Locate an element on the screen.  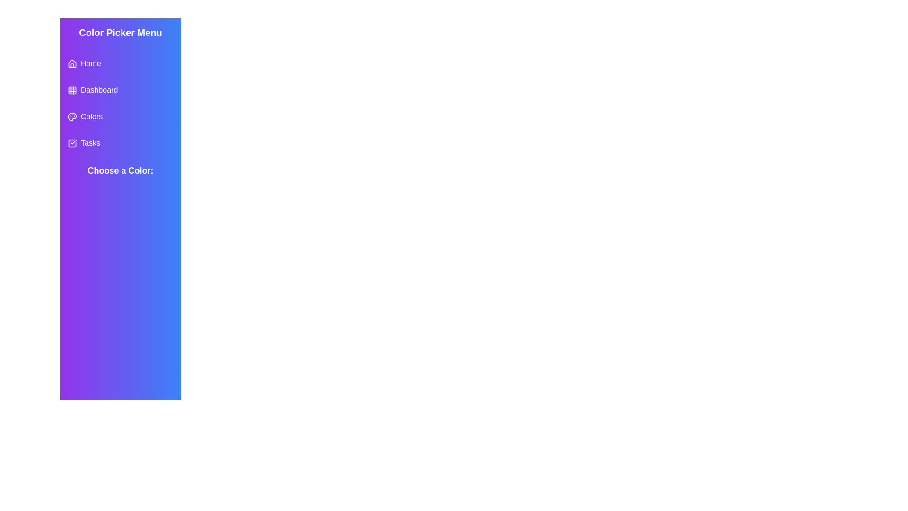
the third item in the vertical menu on the left side of the interface, which is a circular graphic icon resembling a palette is located at coordinates (72, 116).